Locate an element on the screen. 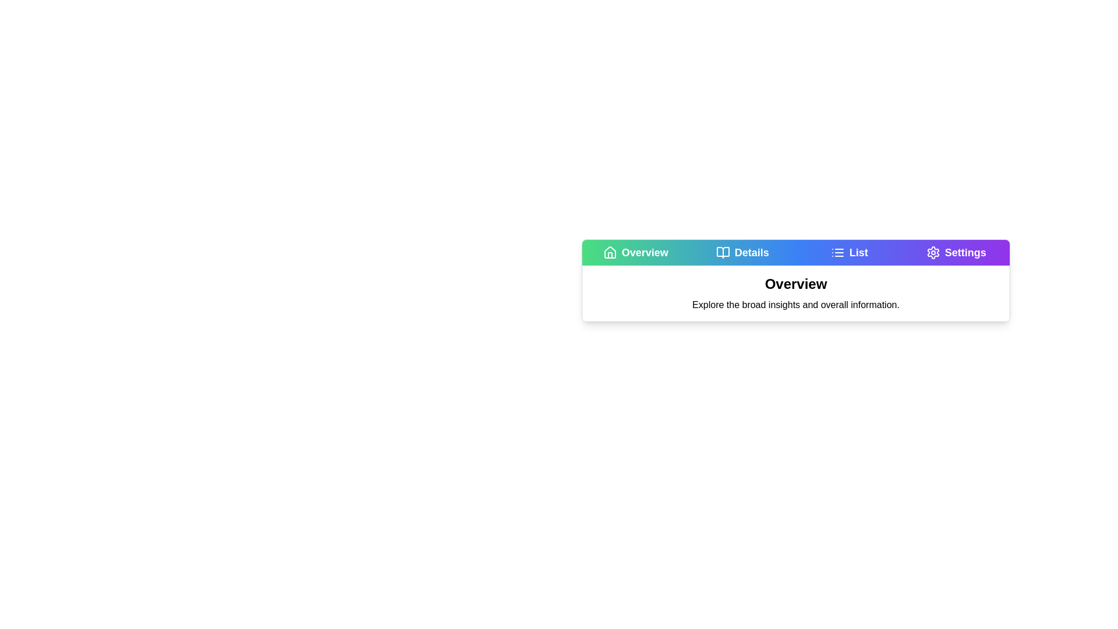 The height and width of the screenshot is (629, 1118). the home icon located to the left of the 'Overview' label in the horizontally aligned menu is located at coordinates (609, 252).